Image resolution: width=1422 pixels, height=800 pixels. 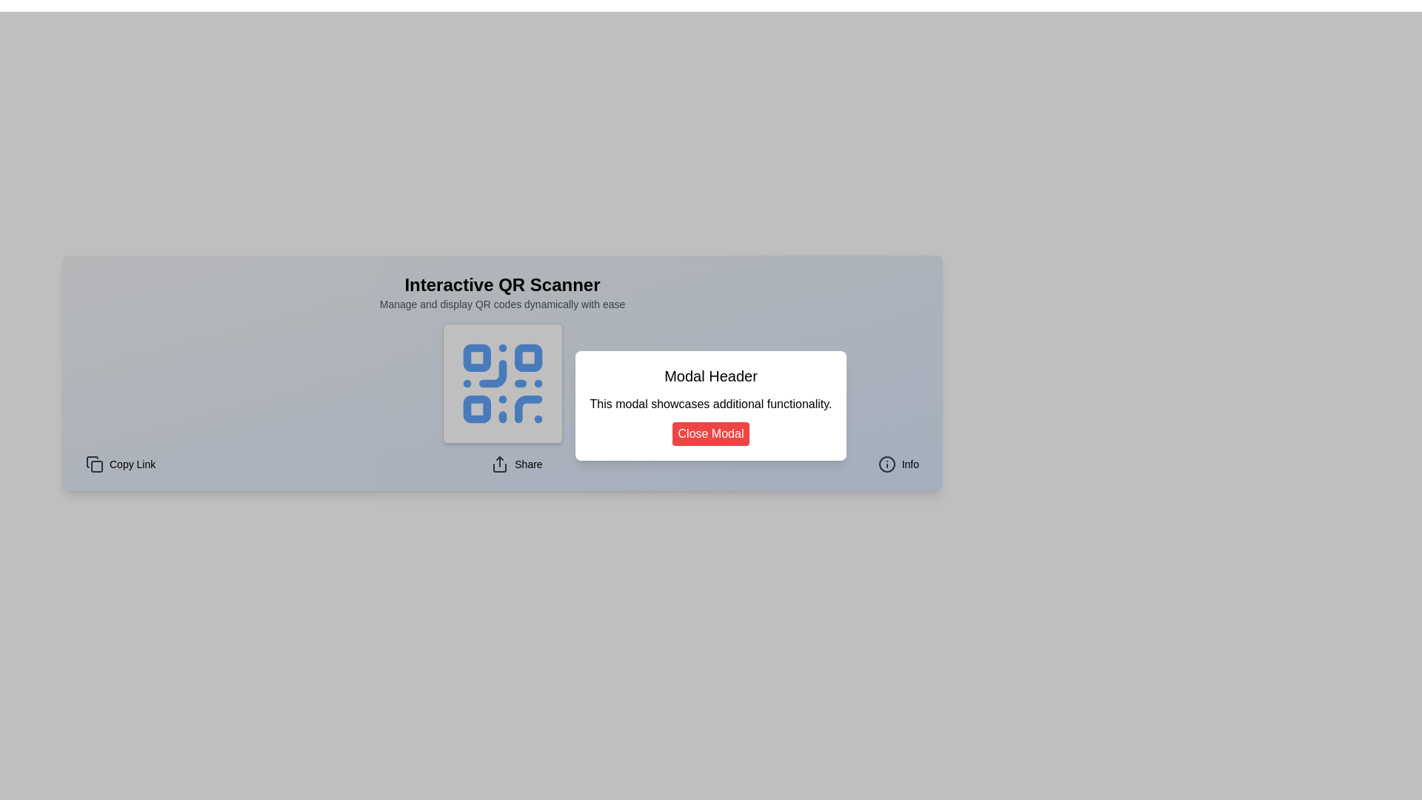 I want to click on the icon resembling overlapping sheets of paper in the bottom-left corner of the interactive section, so click(x=94, y=464).